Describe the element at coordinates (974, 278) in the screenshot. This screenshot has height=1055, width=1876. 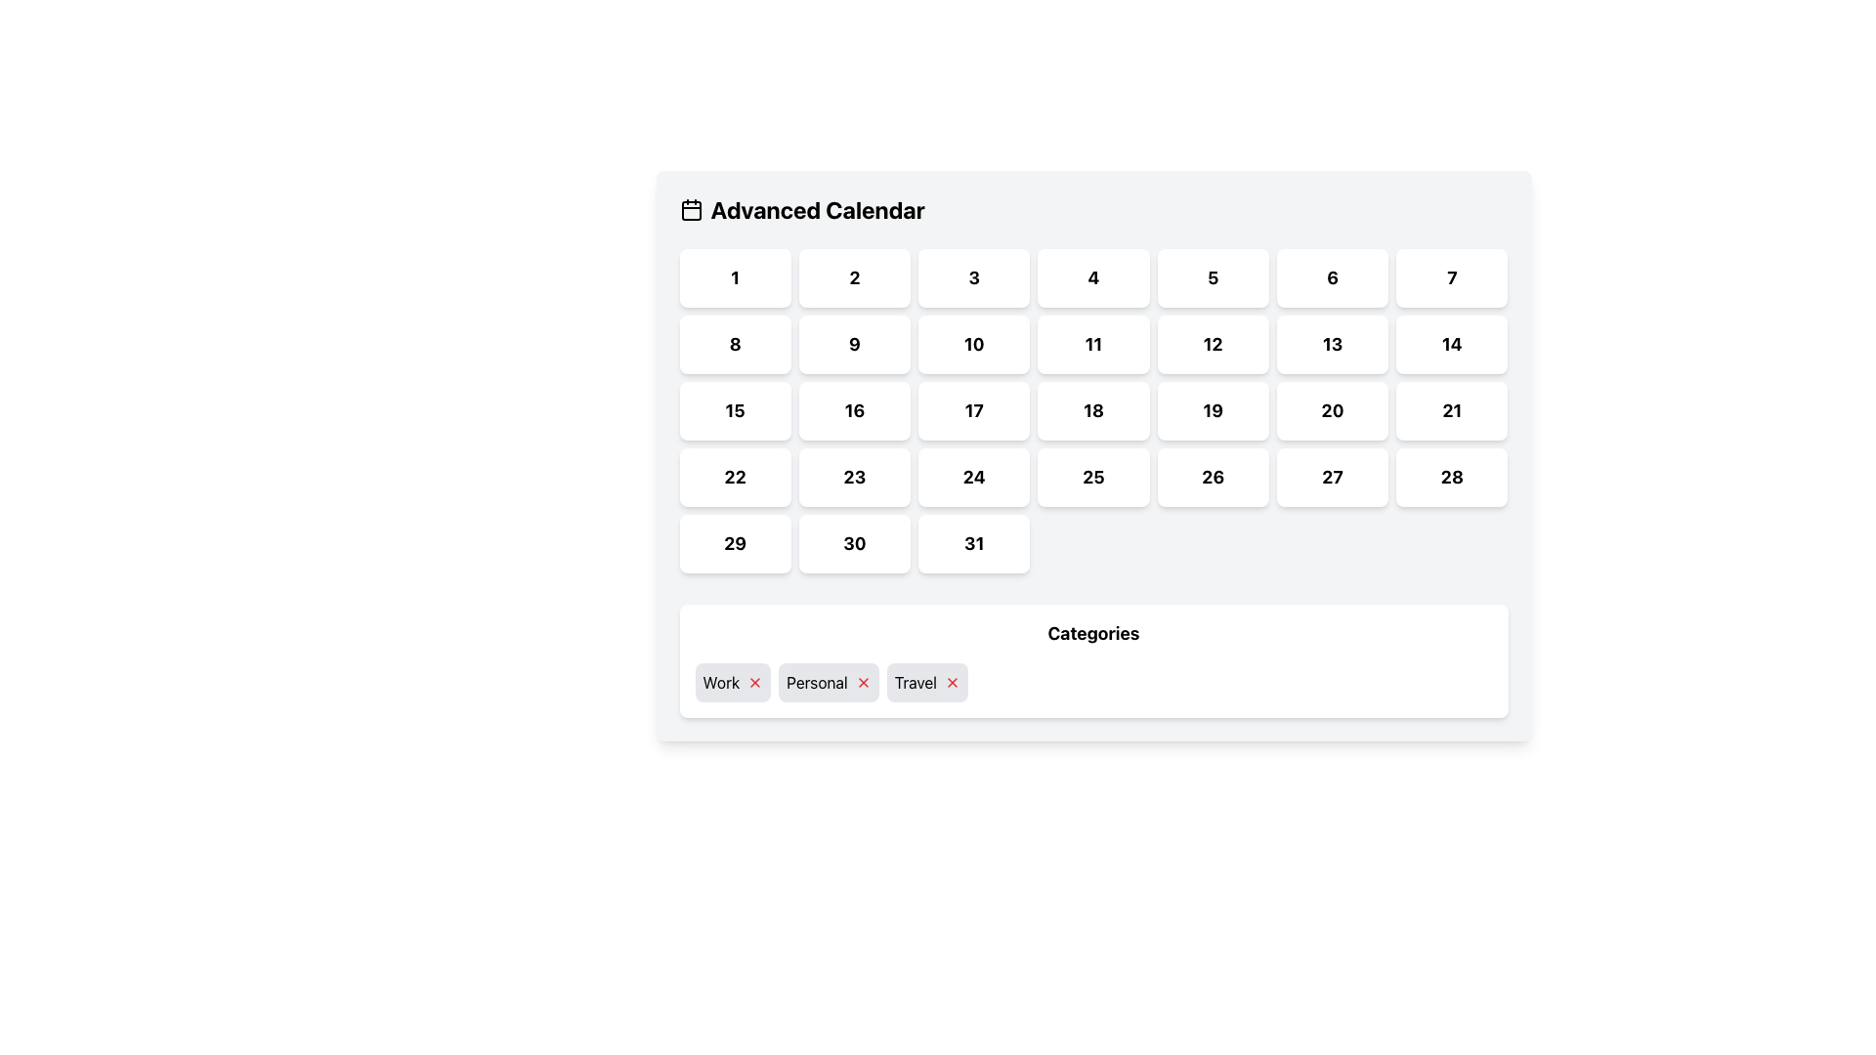
I see `the button representing the date number '3' in the calendar grid under the 'Advanced Calendar' title` at that location.